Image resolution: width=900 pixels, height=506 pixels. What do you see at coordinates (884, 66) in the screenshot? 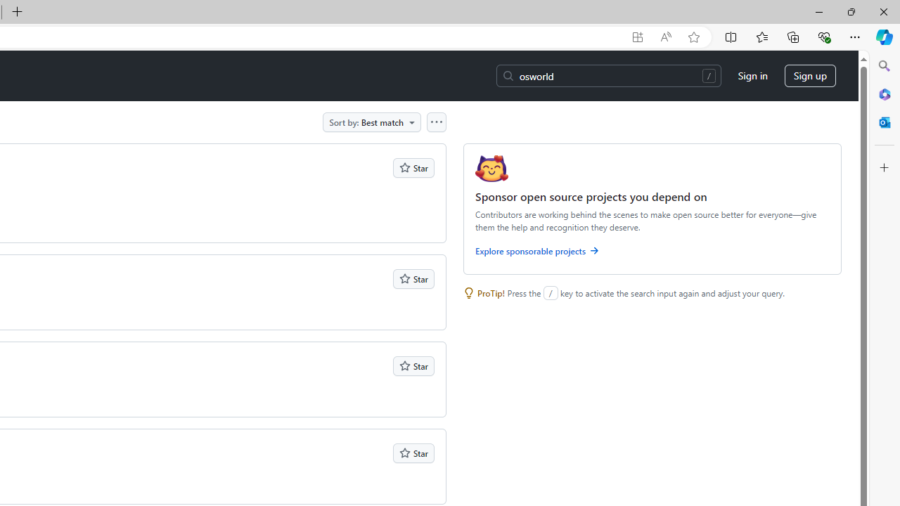
I see `'Search'` at bounding box center [884, 66].